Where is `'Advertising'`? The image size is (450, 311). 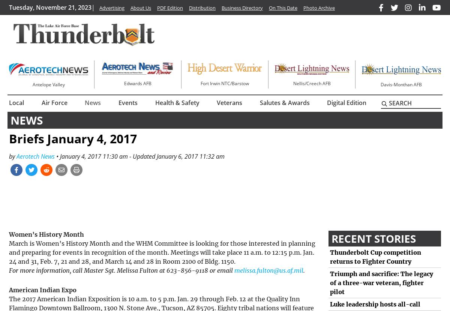 'Advertising' is located at coordinates (111, 8).